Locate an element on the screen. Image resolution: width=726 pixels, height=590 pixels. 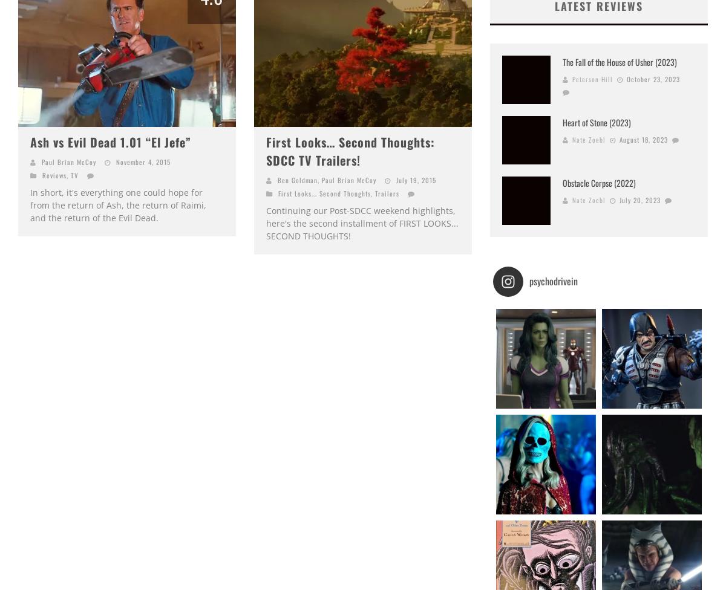
'November 4, 2015' is located at coordinates (143, 162).